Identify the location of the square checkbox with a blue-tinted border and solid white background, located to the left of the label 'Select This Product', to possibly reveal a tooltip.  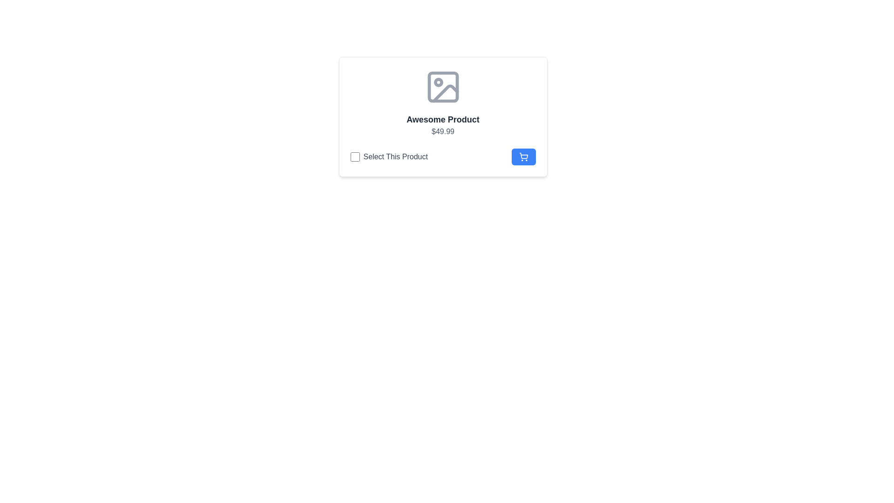
(354, 156).